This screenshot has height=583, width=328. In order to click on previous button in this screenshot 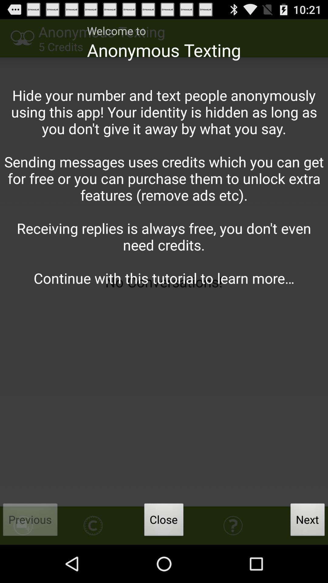, I will do `click(30, 521)`.